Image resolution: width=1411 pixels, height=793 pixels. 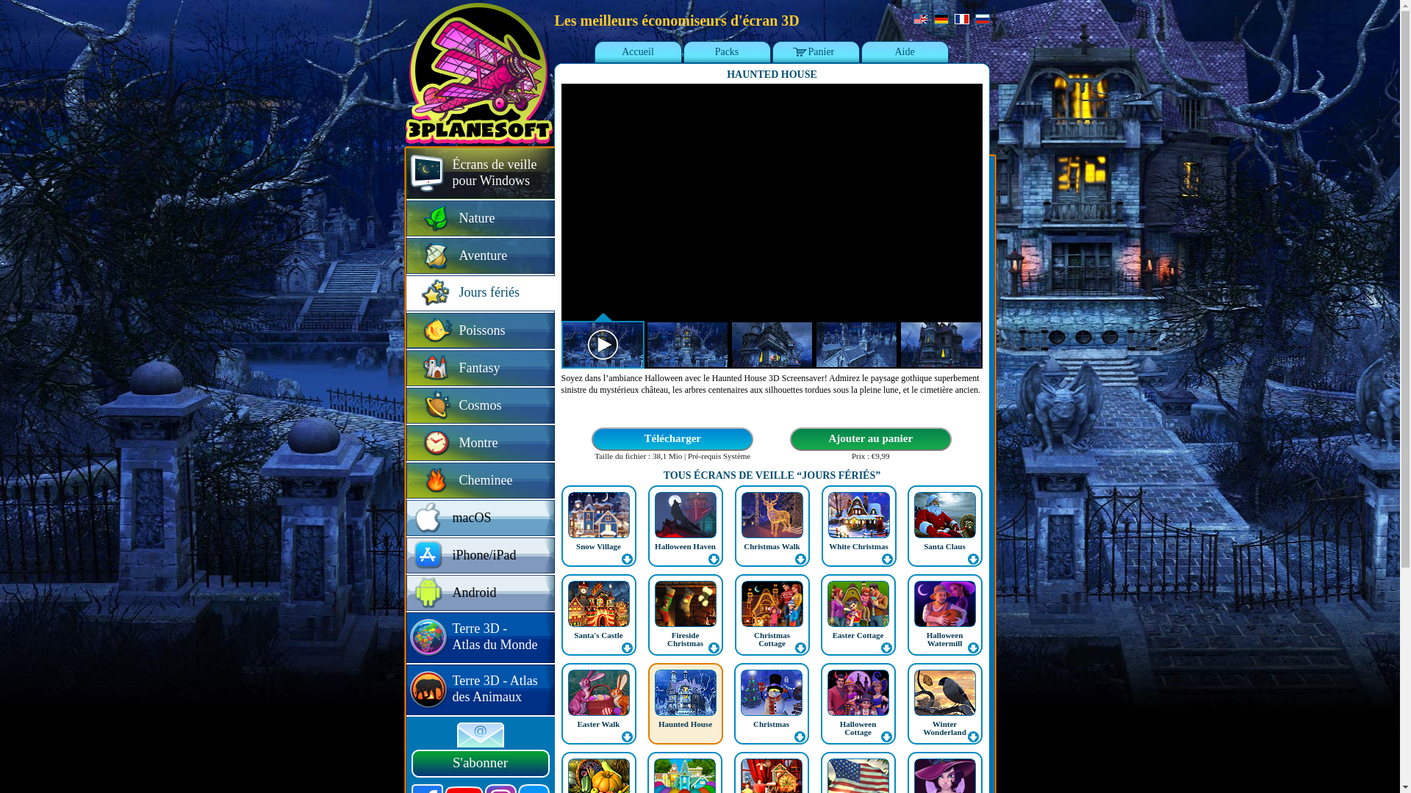 What do you see at coordinates (479, 219) in the screenshot?
I see `'Nature'` at bounding box center [479, 219].